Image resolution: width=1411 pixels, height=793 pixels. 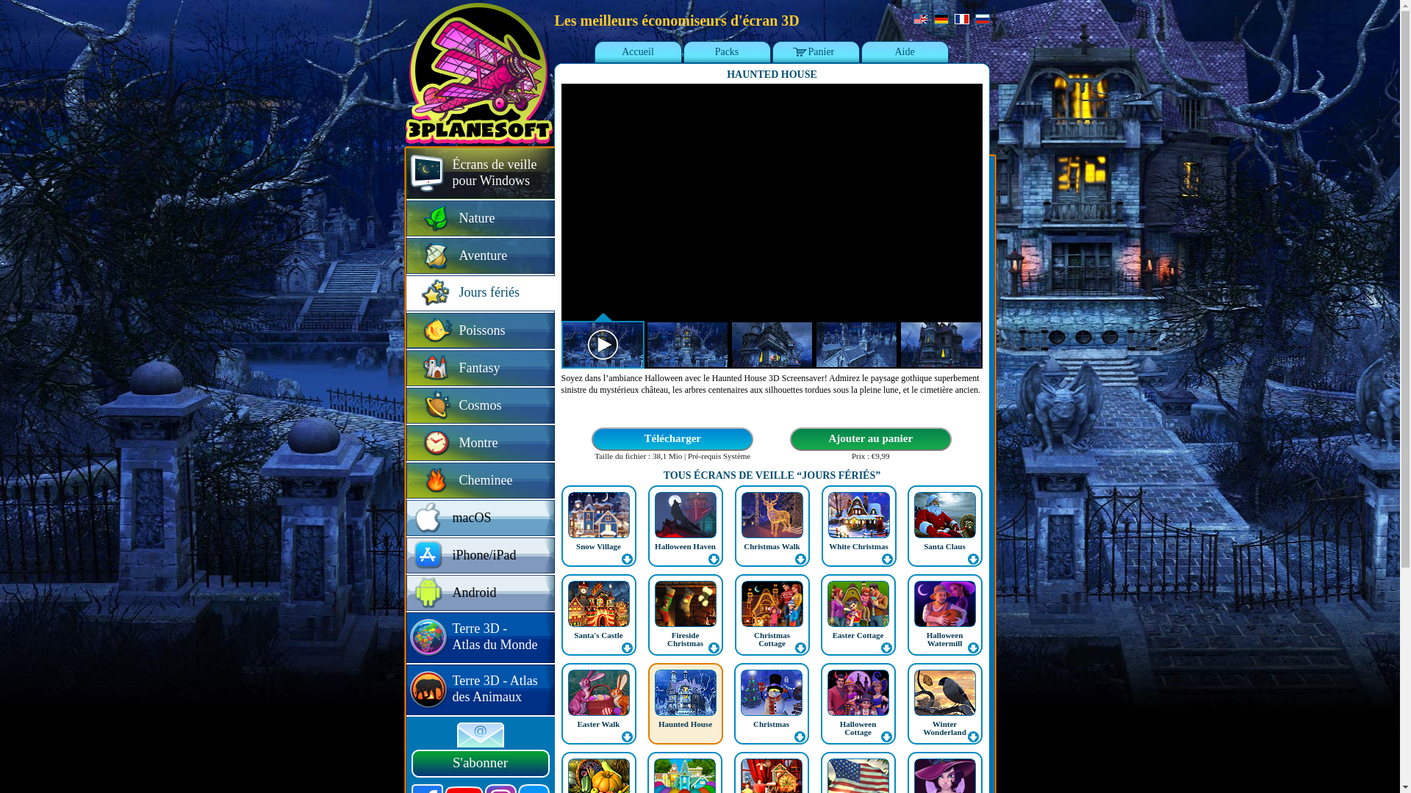 What do you see at coordinates (479, 219) in the screenshot?
I see `'Nature'` at bounding box center [479, 219].